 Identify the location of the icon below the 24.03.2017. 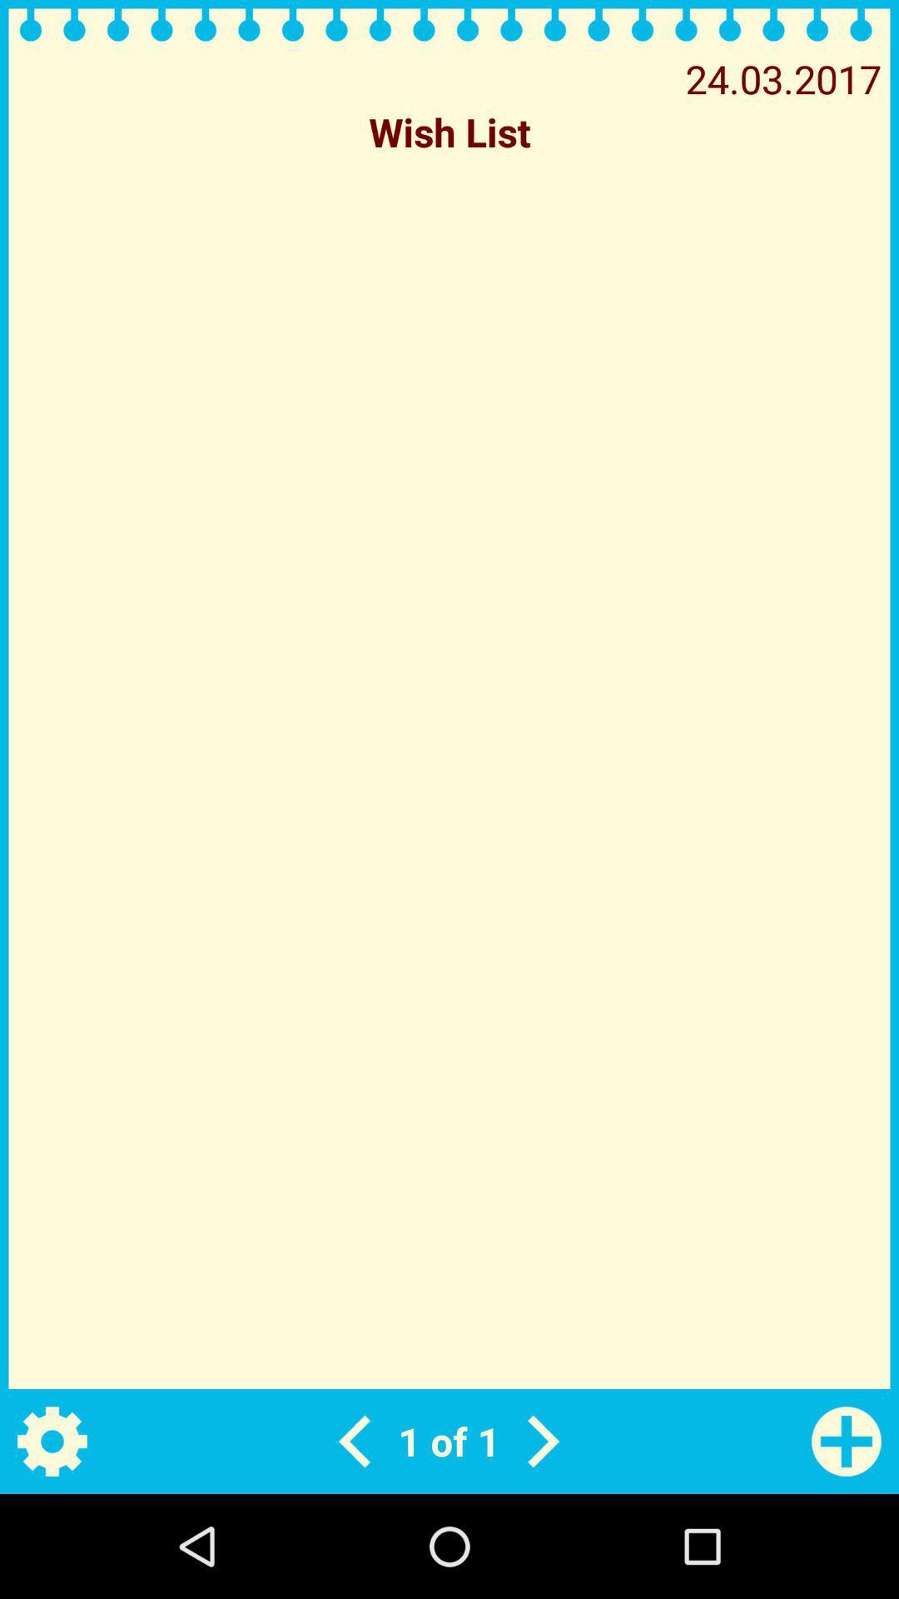
(449, 131).